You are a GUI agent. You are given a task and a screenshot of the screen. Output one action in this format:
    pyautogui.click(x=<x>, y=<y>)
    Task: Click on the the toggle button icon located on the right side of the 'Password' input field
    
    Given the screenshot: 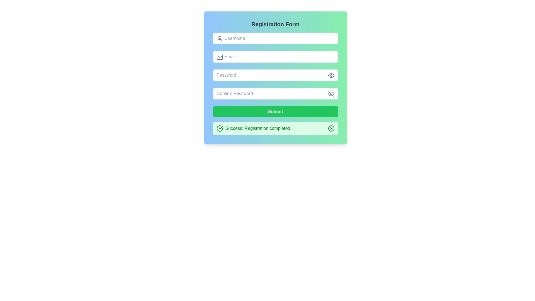 What is the action you would take?
    pyautogui.click(x=331, y=75)
    